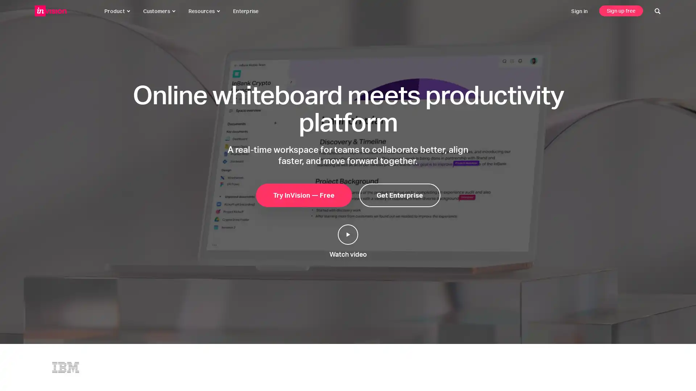  I want to click on click to start a conversation, so click(673, 369).